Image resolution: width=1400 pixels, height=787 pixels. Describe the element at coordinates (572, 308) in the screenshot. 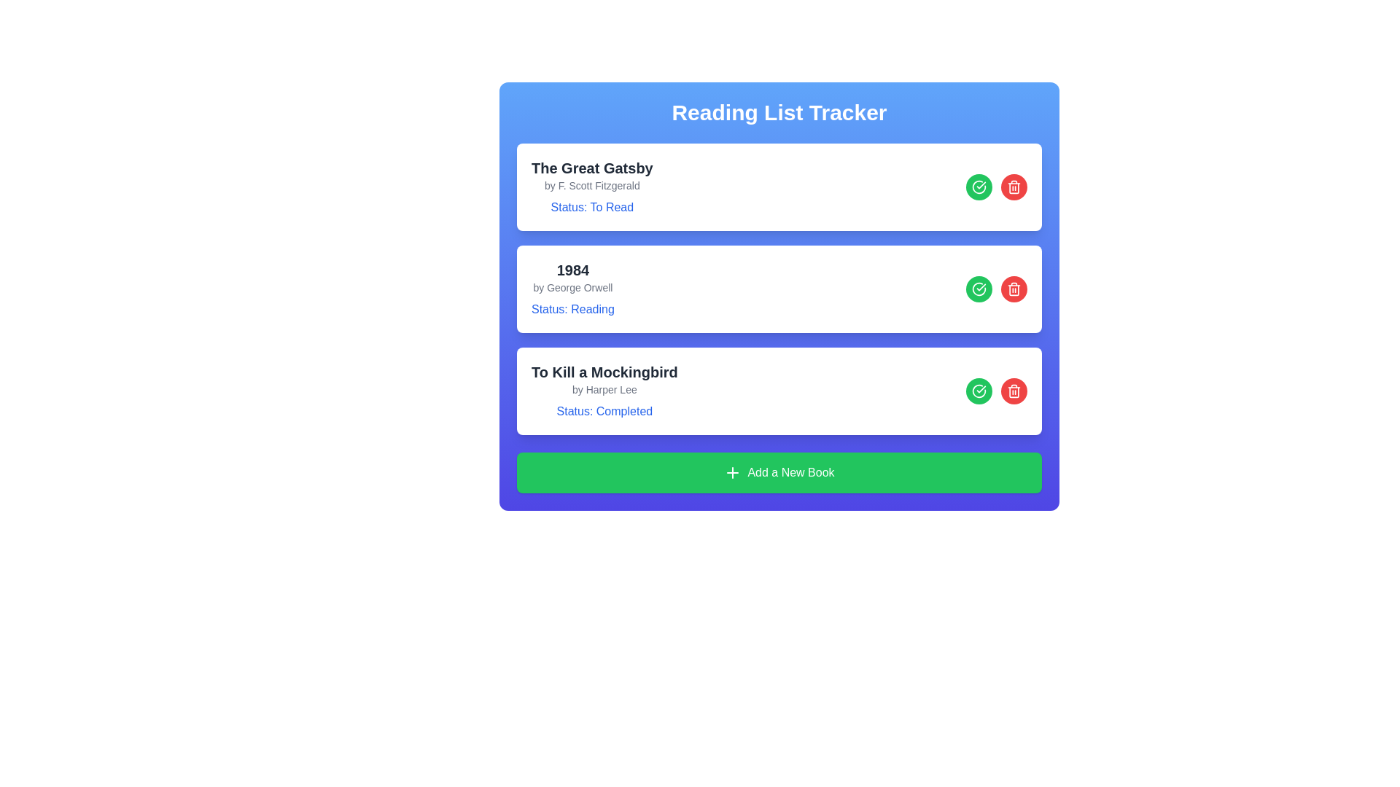

I see `the text label displaying 'Status: Reading', which is positioned below the author's label in the book entry for '1984' by George Orwell` at that location.